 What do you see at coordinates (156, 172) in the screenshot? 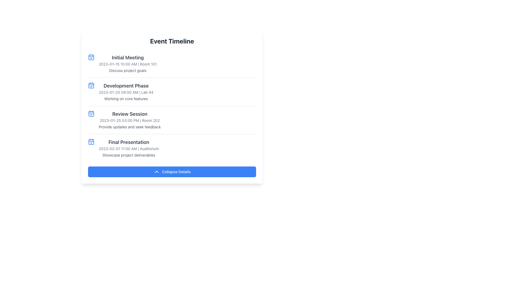
I see `the chevron-up icon in the 'Collapse Details' button located at the bottom of the layout` at bounding box center [156, 172].